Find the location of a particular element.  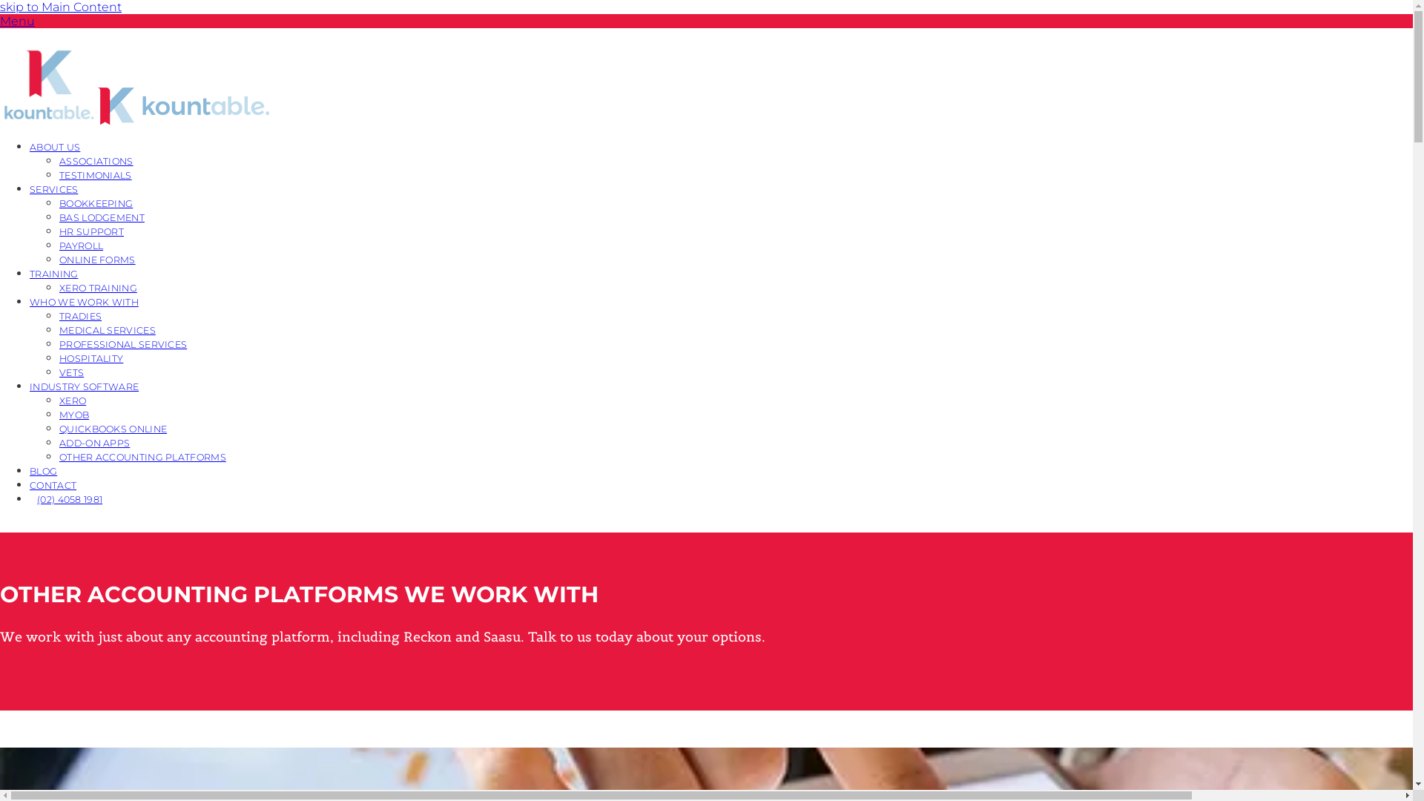

'Menu' is located at coordinates (17, 21).